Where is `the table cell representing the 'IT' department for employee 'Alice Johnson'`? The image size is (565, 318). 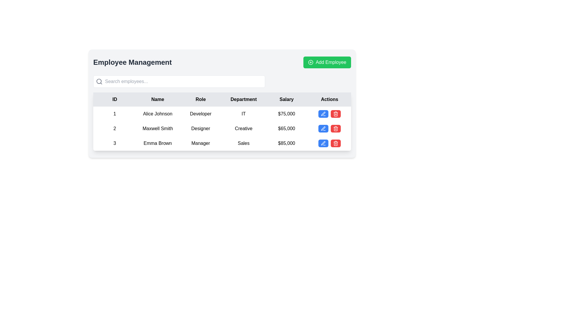
the table cell representing the 'IT' department for employee 'Alice Johnson' is located at coordinates (244, 114).